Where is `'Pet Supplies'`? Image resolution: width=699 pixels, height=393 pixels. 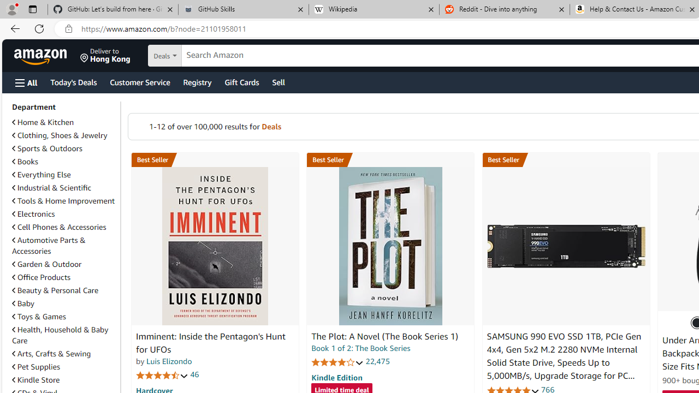
'Pet Supplies' is located at coordinates (63, 366).